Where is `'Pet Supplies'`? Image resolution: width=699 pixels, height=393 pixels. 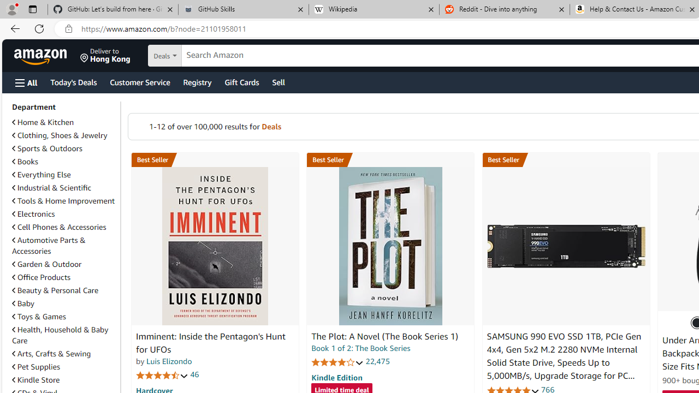
'Pet Supplies' is located at coordinates (63, 366).